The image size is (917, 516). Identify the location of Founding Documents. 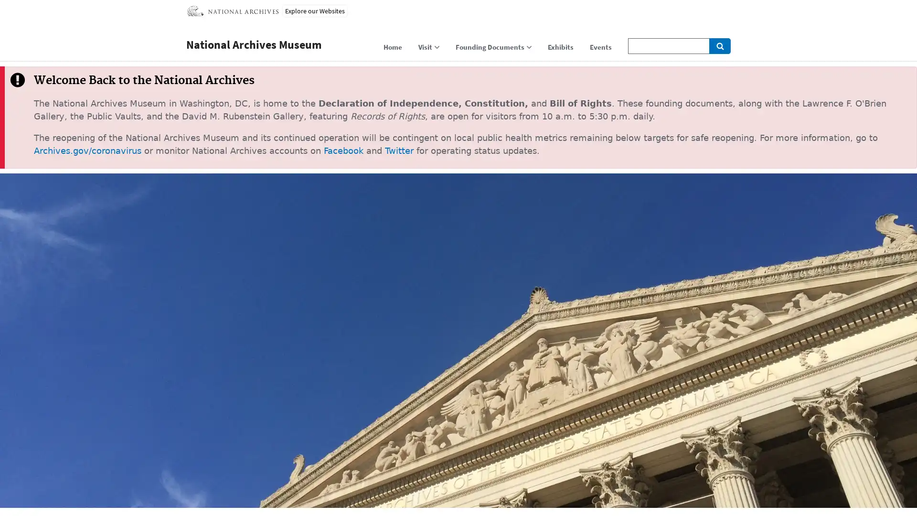
(493, 49).